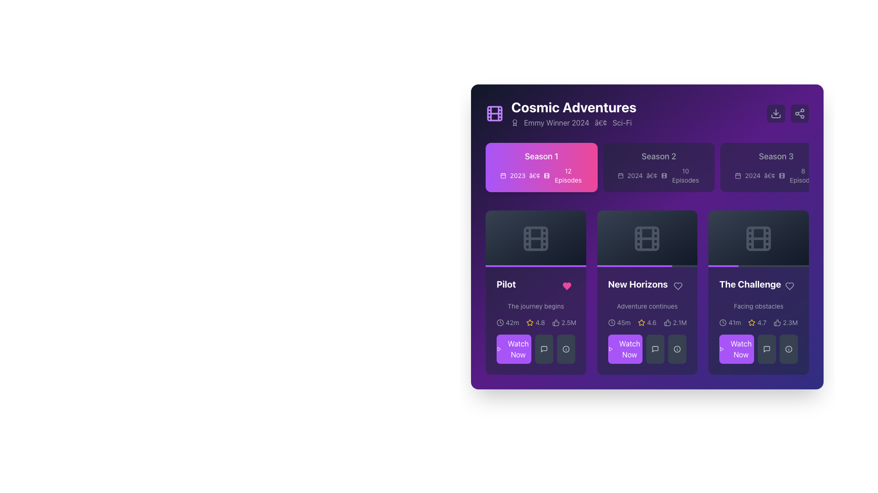 The height and width of the screenshot is (493, 878). What do you see at coordinates (752, 322) in the screenshot?
I see `the star icon representing the rating system located underneath the title 'New Horizons' and next to the average rating text '4.6'` at bounding box center [752, 322].